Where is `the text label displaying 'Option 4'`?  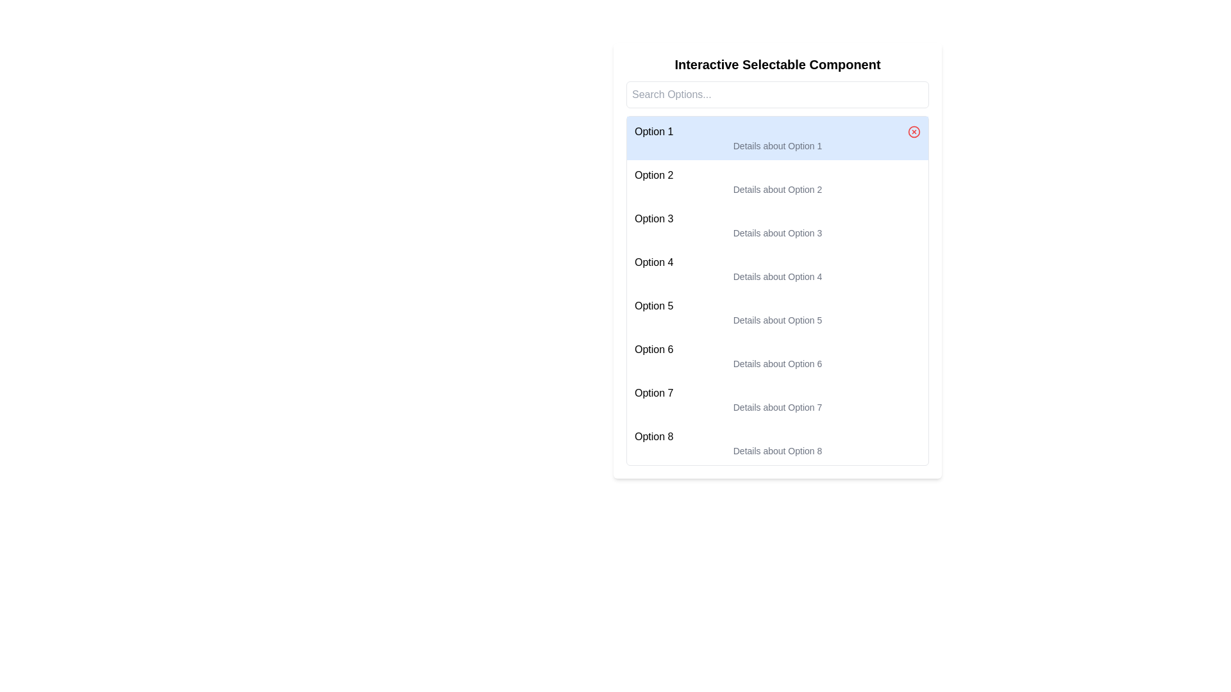 the text label displaying 'Option 4' is located at coordinates (654, 261).